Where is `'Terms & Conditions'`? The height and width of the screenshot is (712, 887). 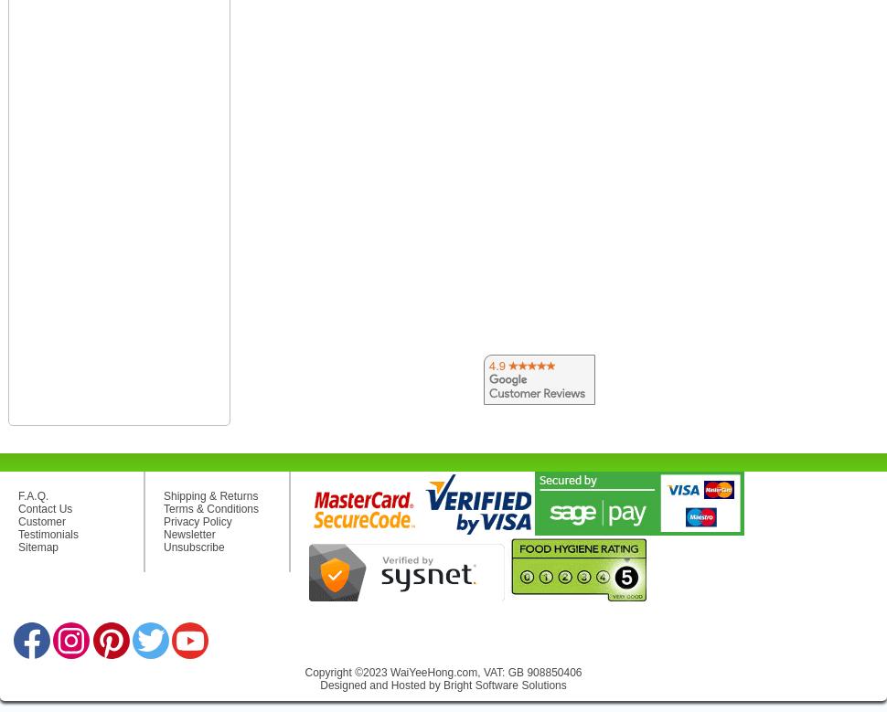 'Terms & Conditions' is located at coordinates (210, 507).